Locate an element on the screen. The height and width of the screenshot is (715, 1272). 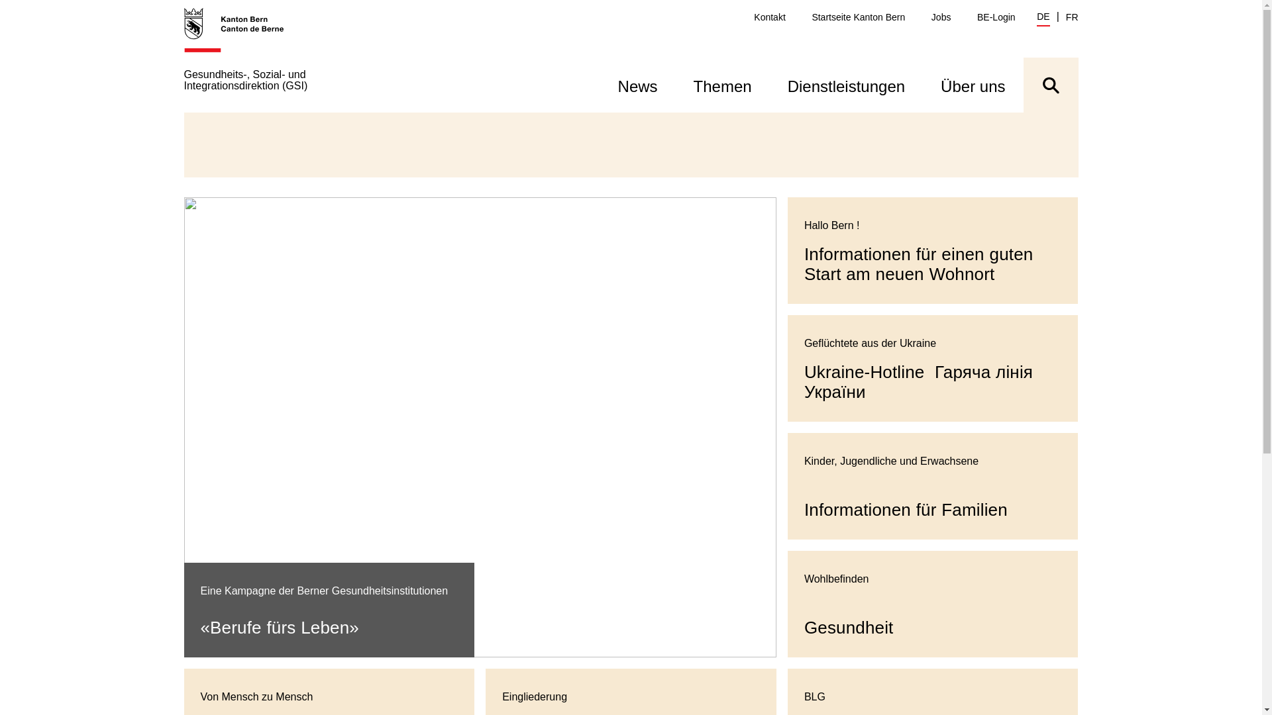
'Gesundheit is located at coordinates (932, 604).